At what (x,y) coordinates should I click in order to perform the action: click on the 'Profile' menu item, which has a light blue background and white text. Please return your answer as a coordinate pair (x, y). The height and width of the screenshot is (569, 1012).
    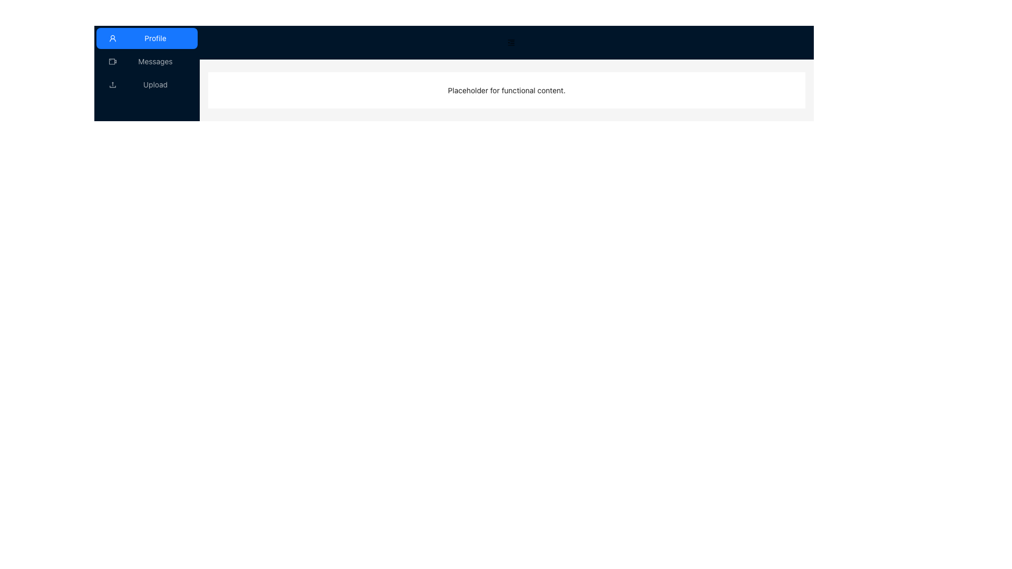
    Looking at the image, I should click on (146, 38).